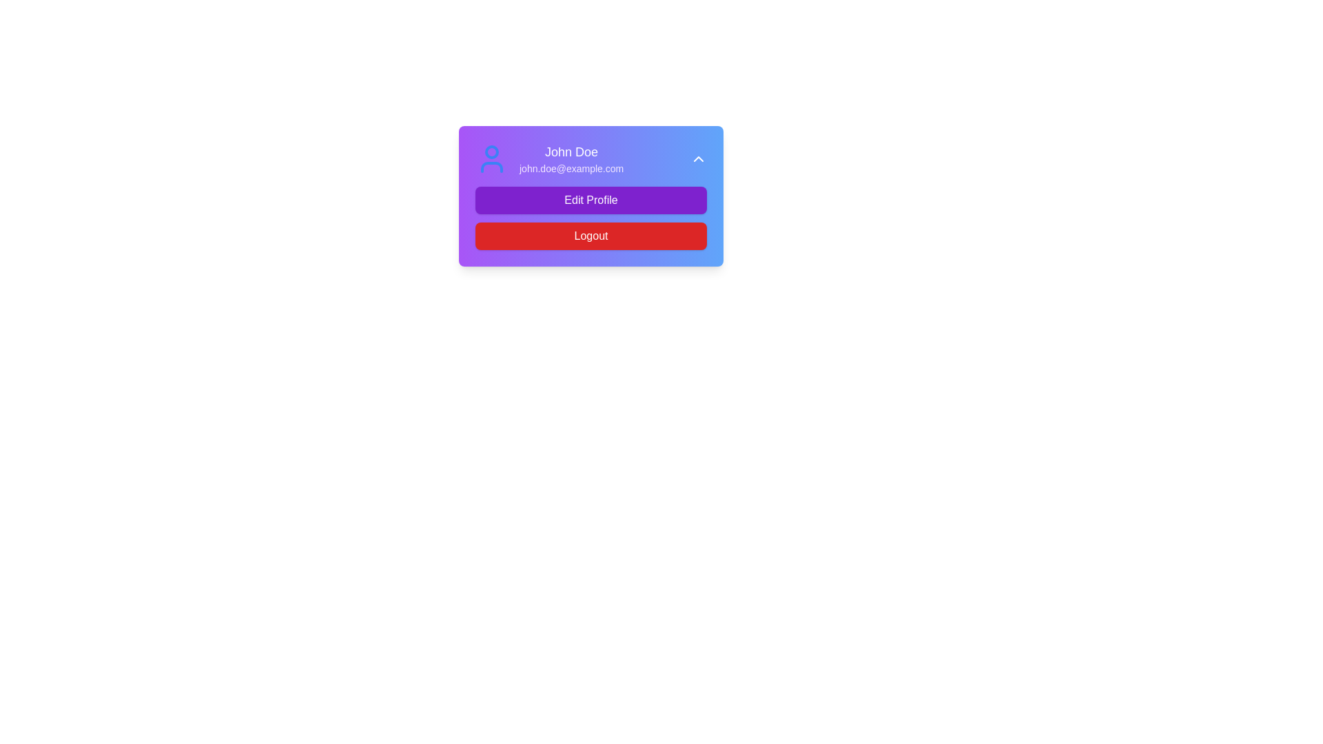 Image resolution: width=1323 pixels, height=744 pixels. What do you see at coordinates (492, 152) in the screenshot?
I see `SVG circle element located at the top-left section of the user profile dropdown card for debugging purposes` at bounding box center [492, 152].